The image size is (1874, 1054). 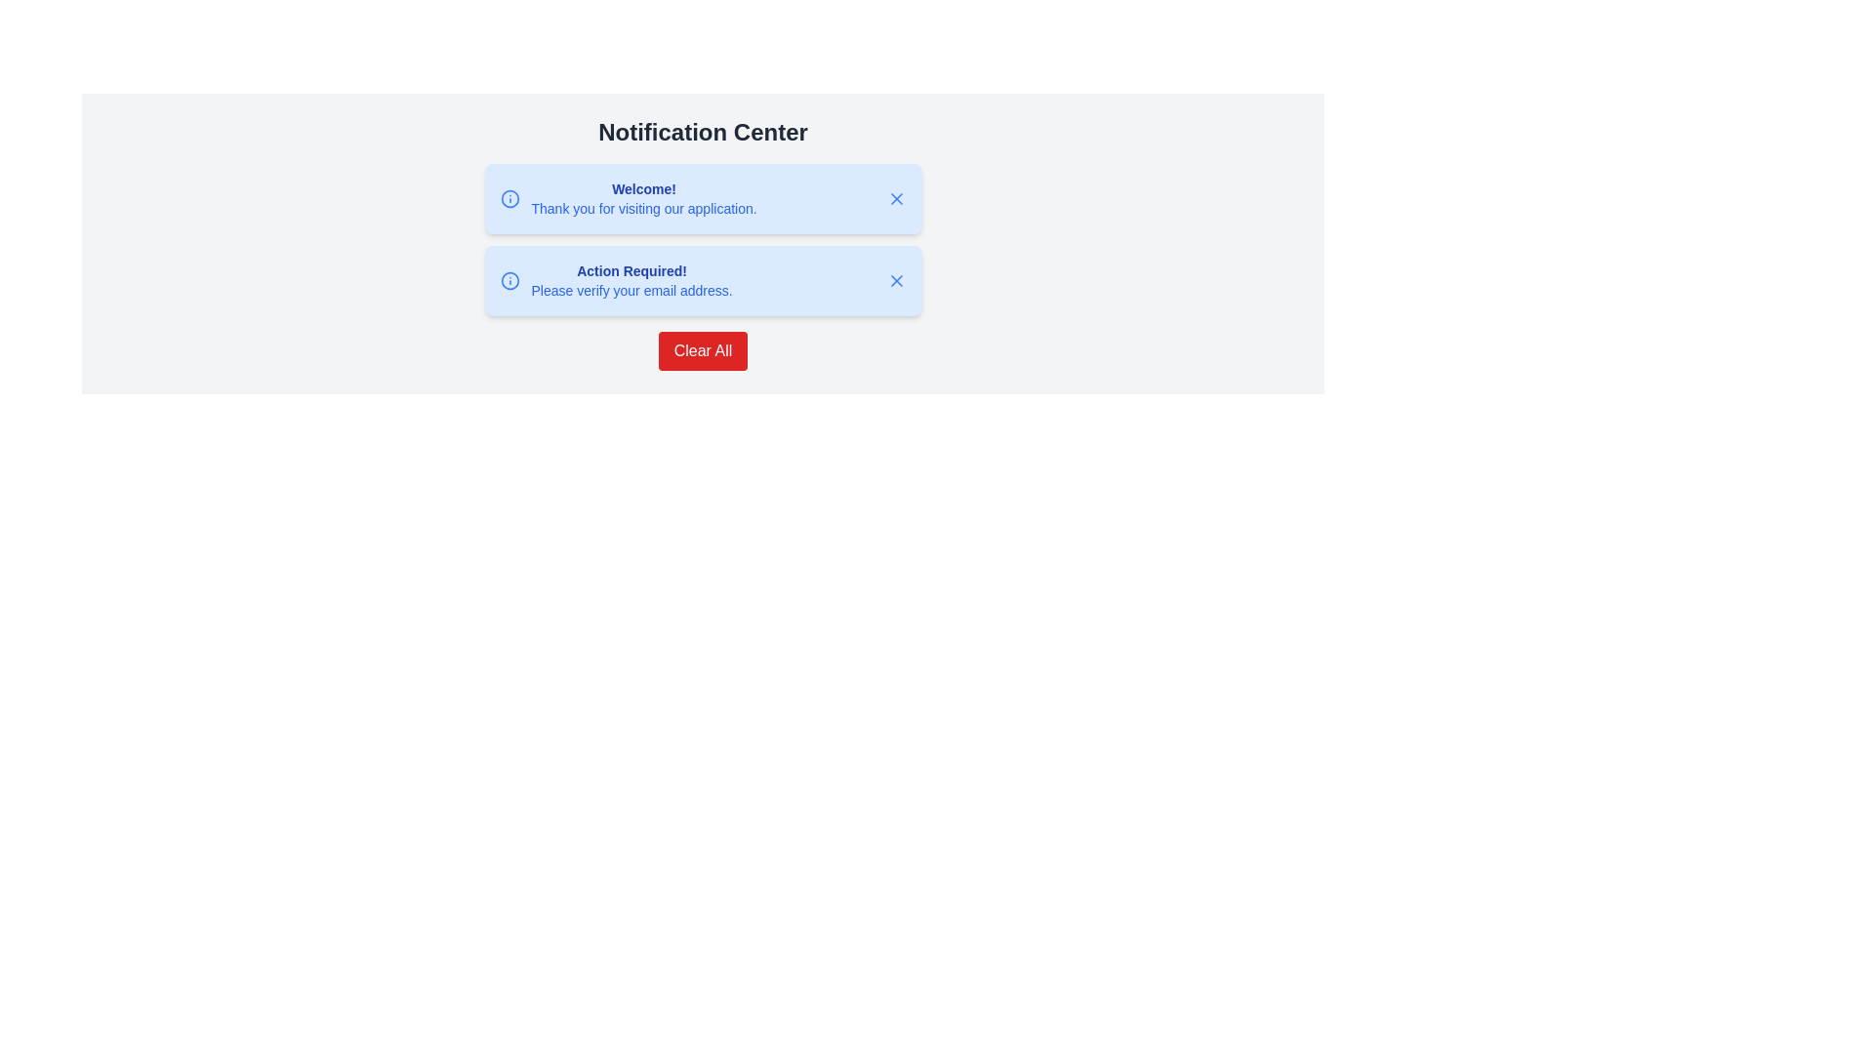 I want to click on the text label that states 'Thank you for visiting our application.' located inside the notification box below the 'Welcome!' text, so click(x=644, y=208).